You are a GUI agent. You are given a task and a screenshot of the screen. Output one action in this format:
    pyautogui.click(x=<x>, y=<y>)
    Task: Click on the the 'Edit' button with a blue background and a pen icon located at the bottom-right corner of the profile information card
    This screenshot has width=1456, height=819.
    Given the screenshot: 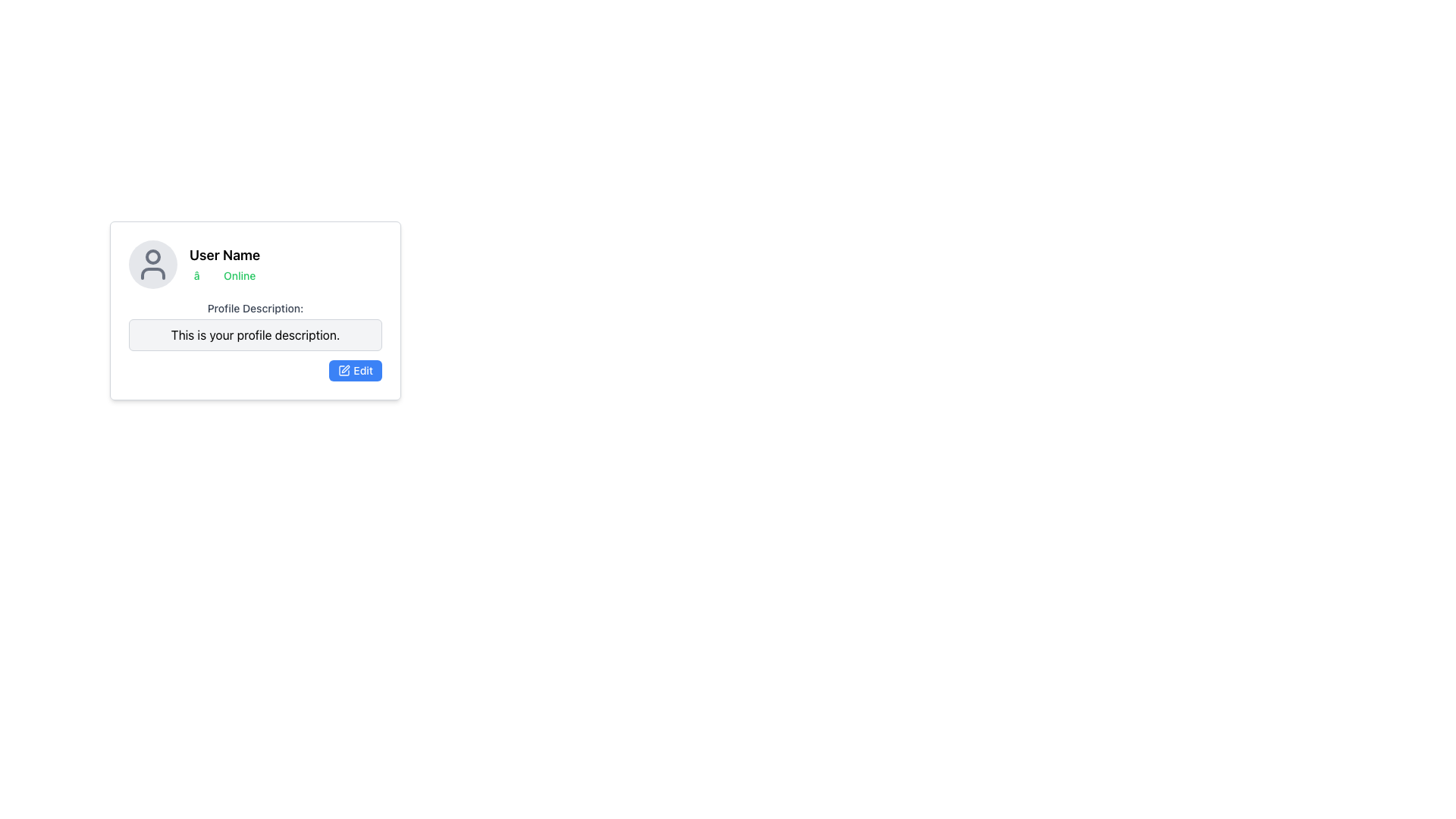 What is the action you would take?
    pyautogui.click(x=355, y=371)
    